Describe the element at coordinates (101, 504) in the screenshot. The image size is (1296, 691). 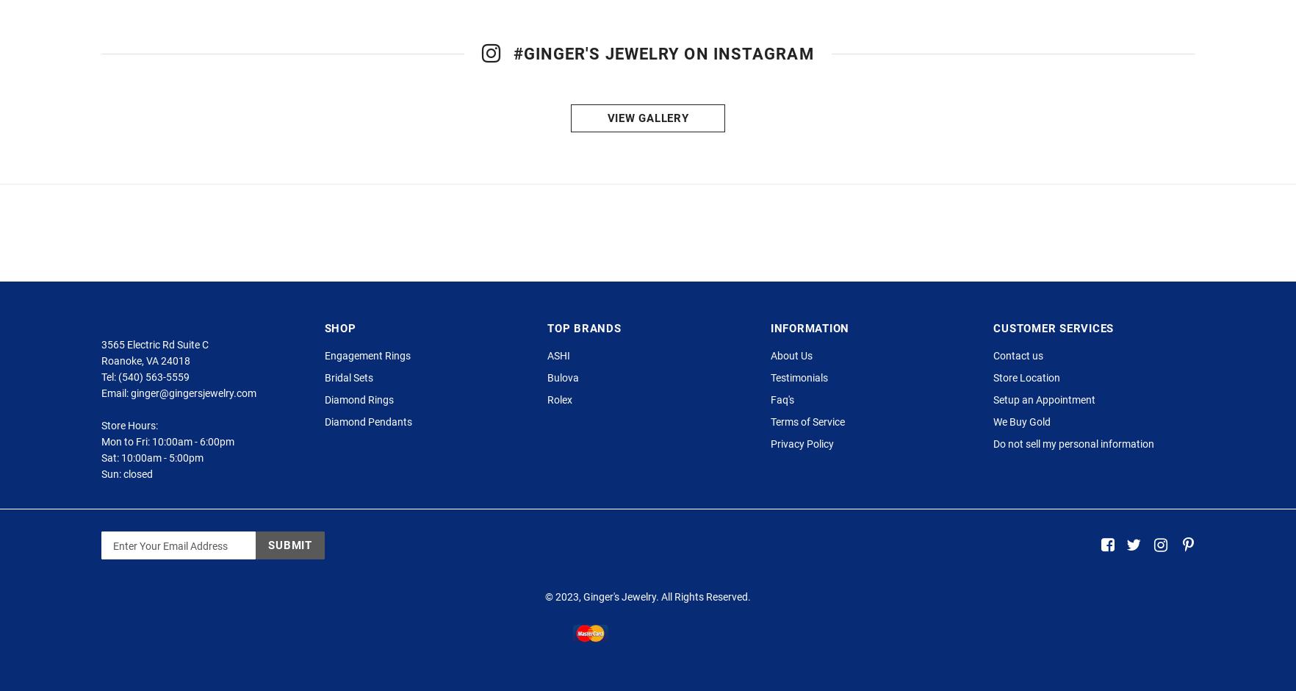
I see `'Mon to Fri: 10:00am - 6:00pm'` at that location.